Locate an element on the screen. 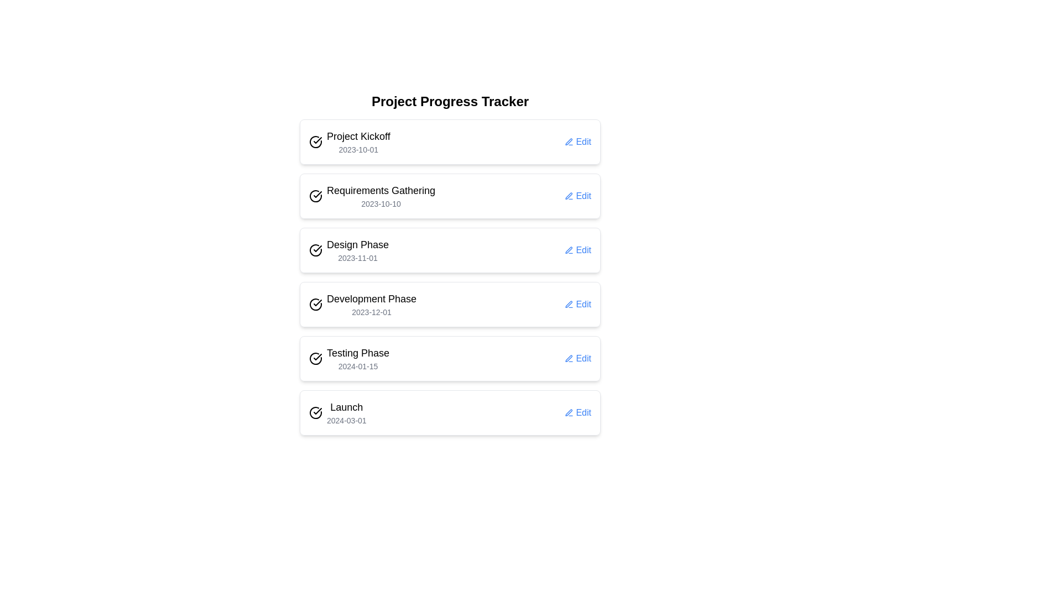  the circular icon with a checkmark inside, which is positioned to the left of the 'Launch' label and date information is located at coordinates (315, 413).